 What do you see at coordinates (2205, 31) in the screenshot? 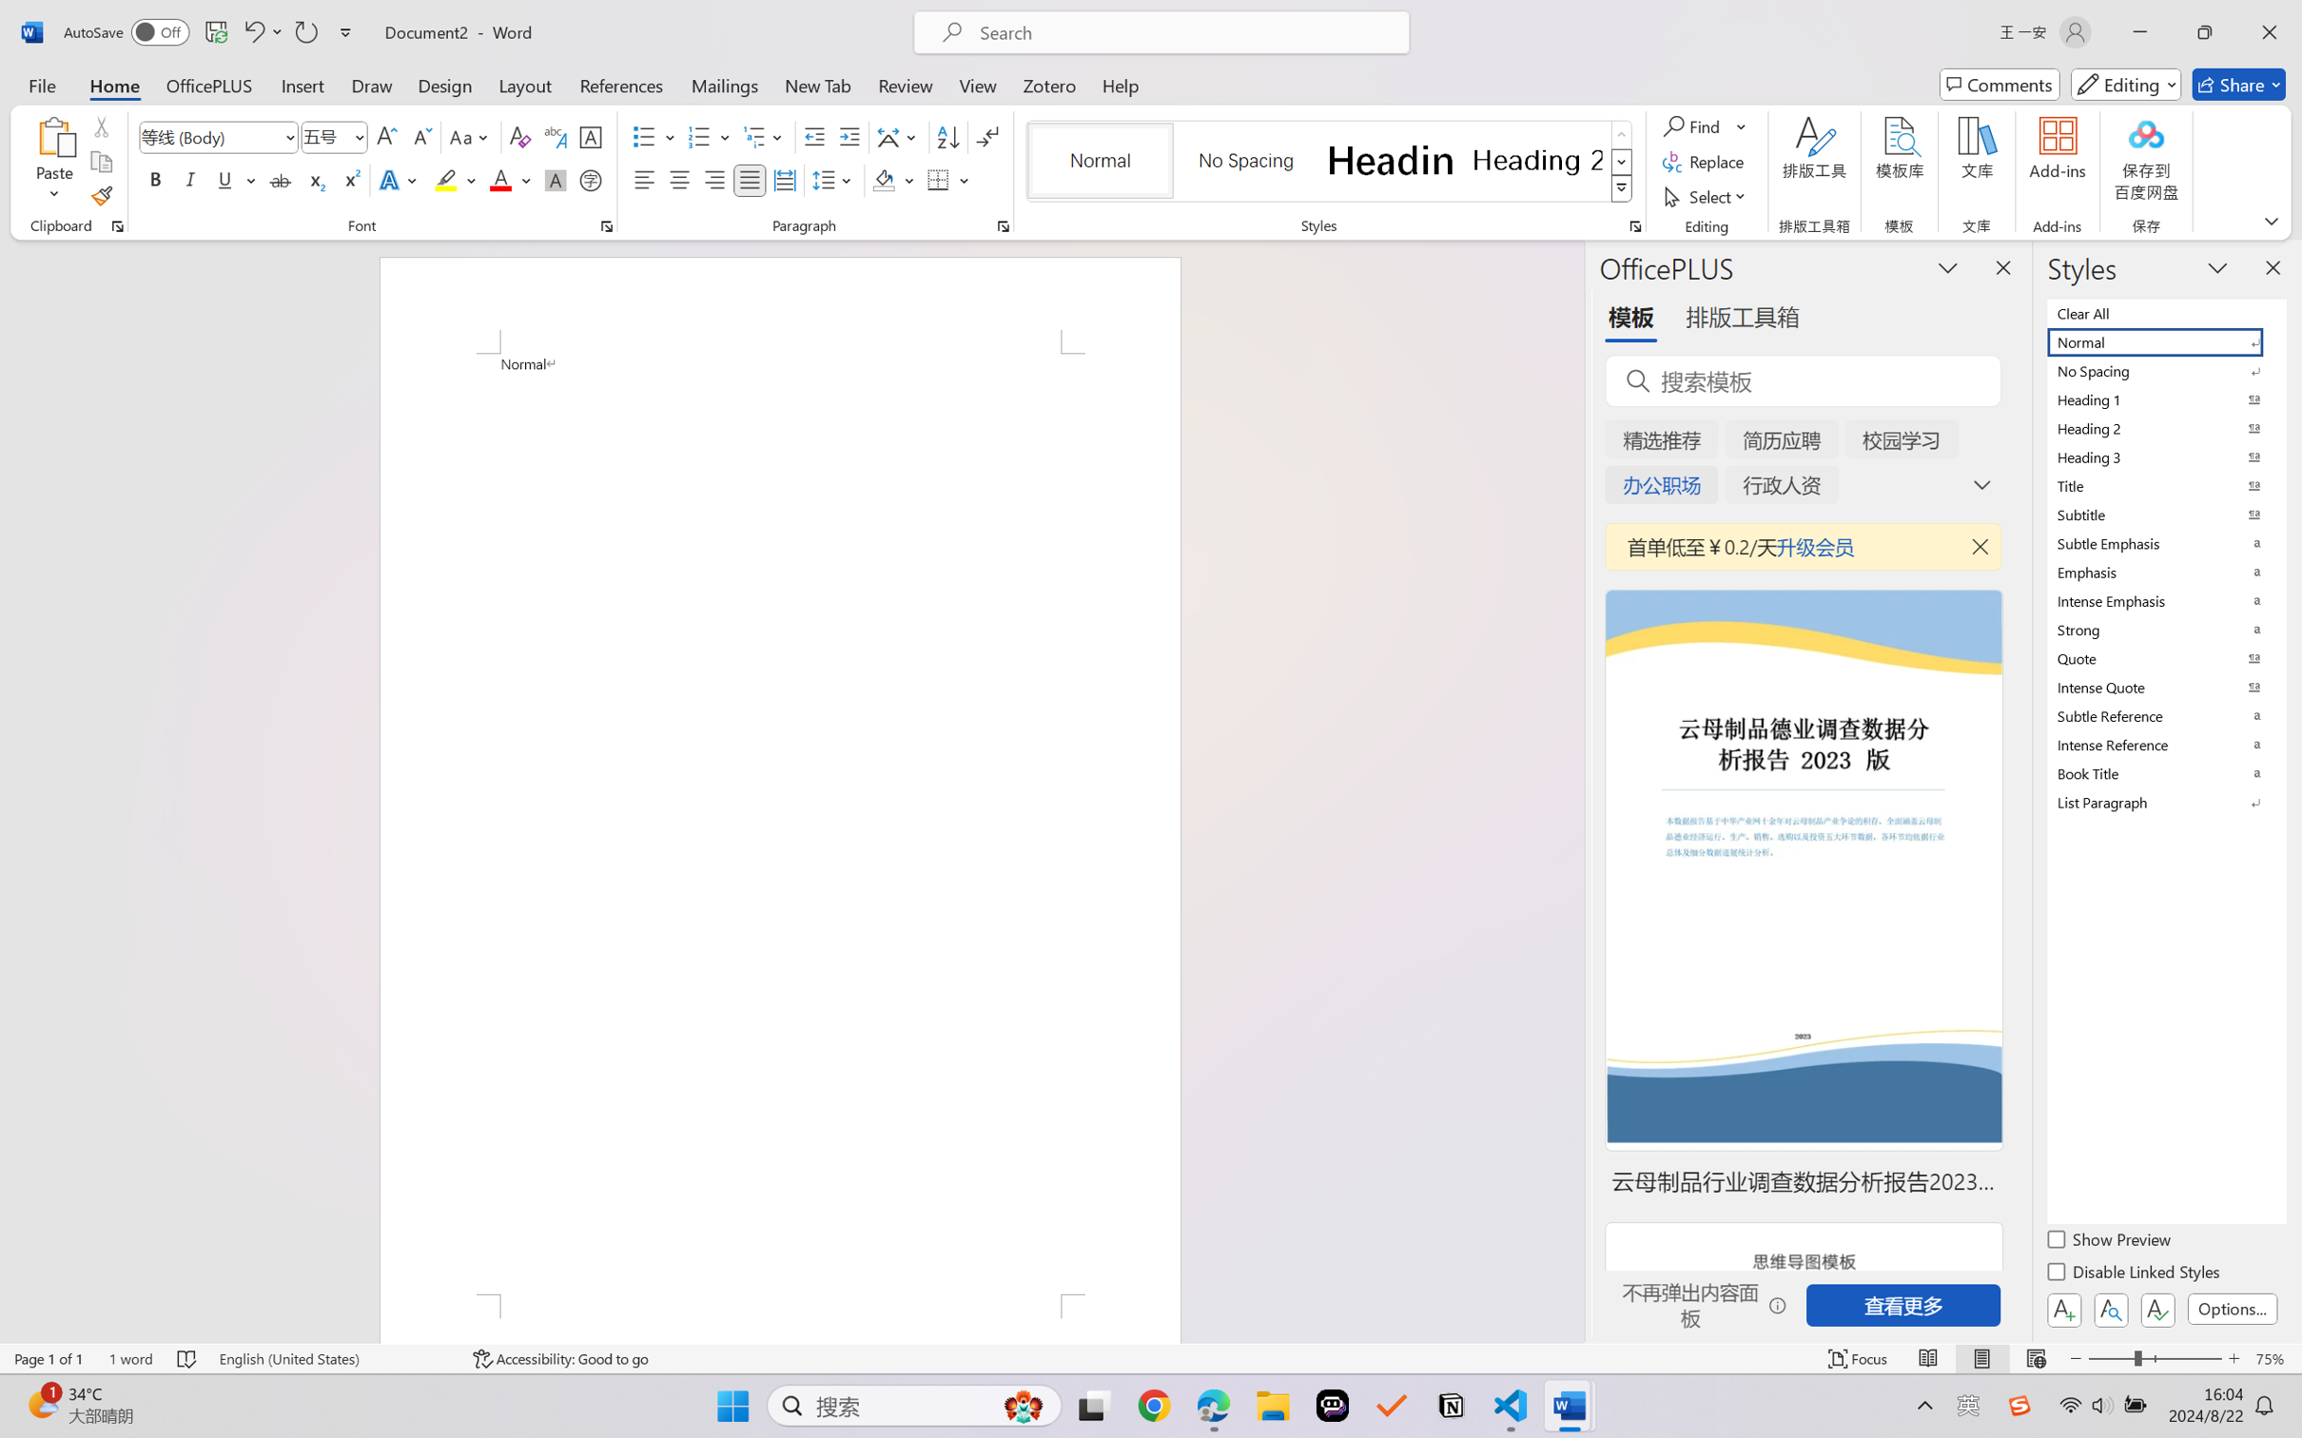
I see `'Restore Down'` at bounding box center [2205, 31].